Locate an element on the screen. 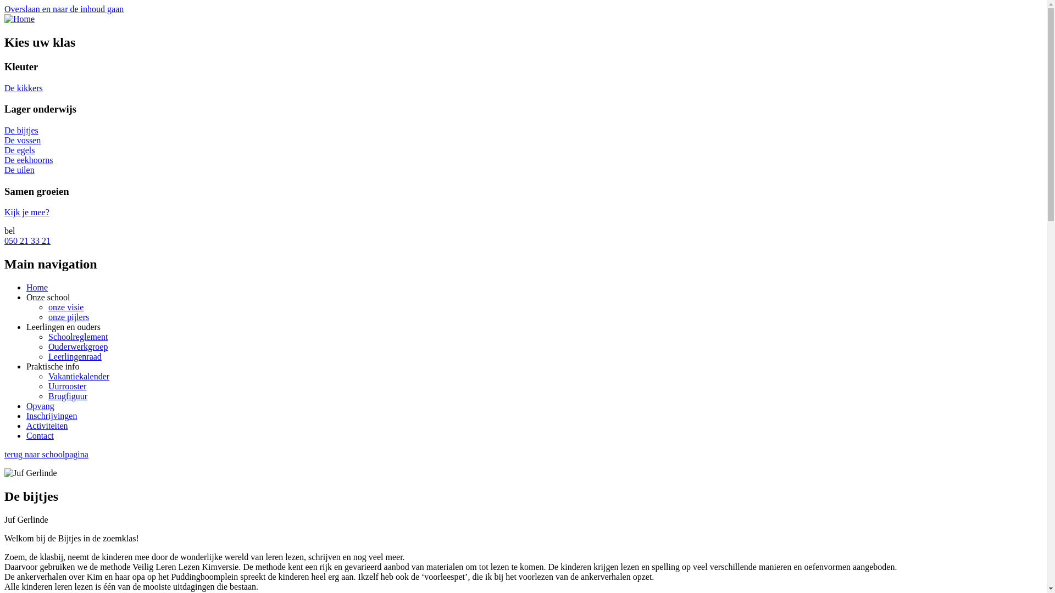 The height and width of the screenshot is (593, 1055). 'De bijtjes' is located at coordinates (21, 130).